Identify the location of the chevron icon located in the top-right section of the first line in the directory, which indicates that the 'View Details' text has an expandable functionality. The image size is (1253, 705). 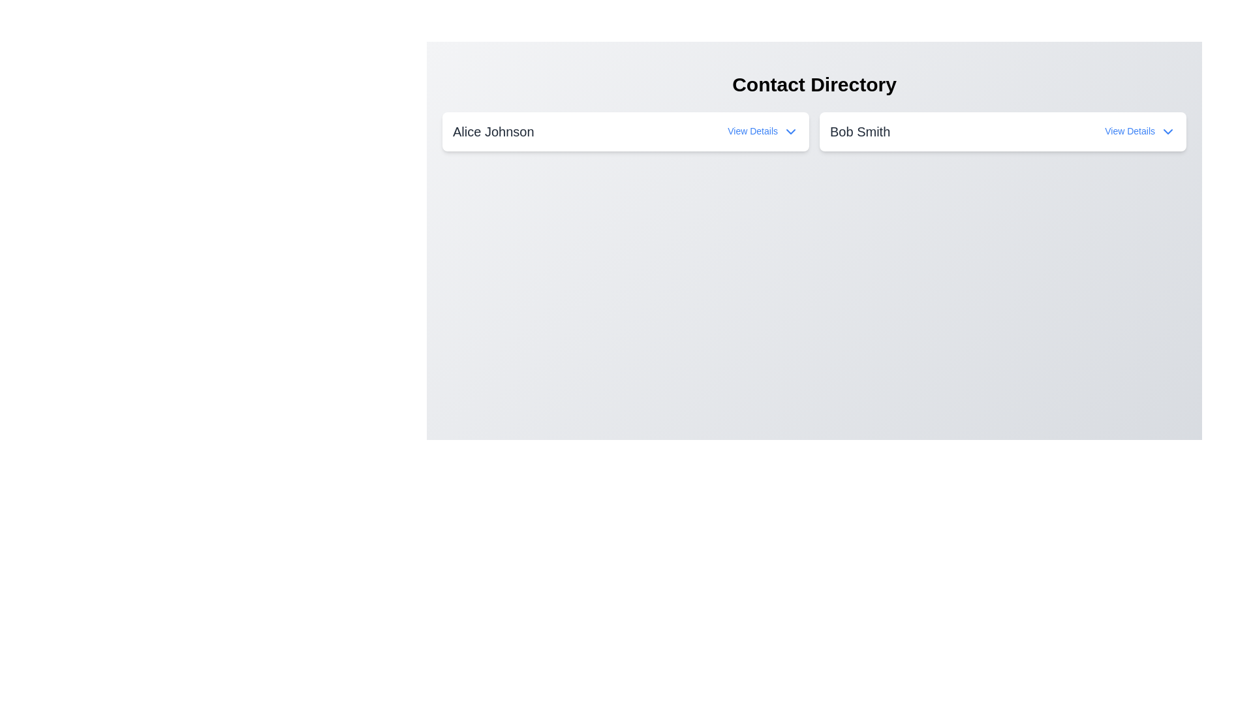
(790, 131).